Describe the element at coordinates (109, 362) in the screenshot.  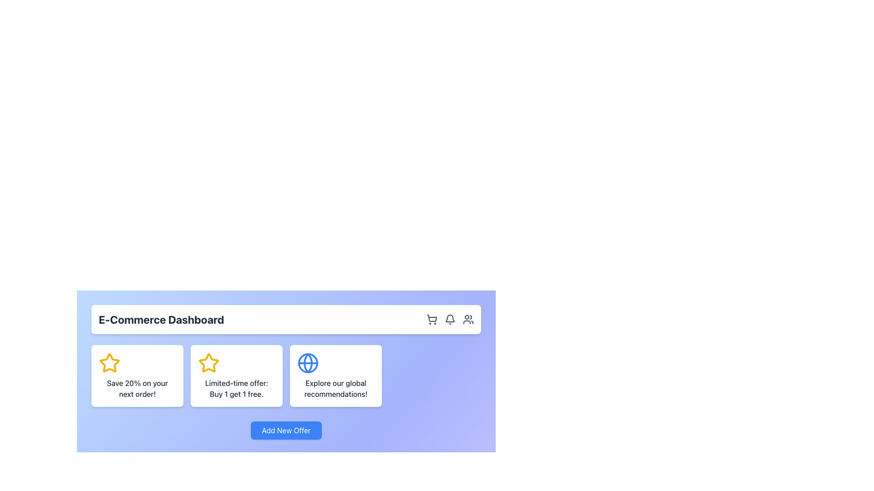
I see `the decorative star icon with a bright yellow fill and white interior, located below the text 'Save 20% on your next order!'` at that location.